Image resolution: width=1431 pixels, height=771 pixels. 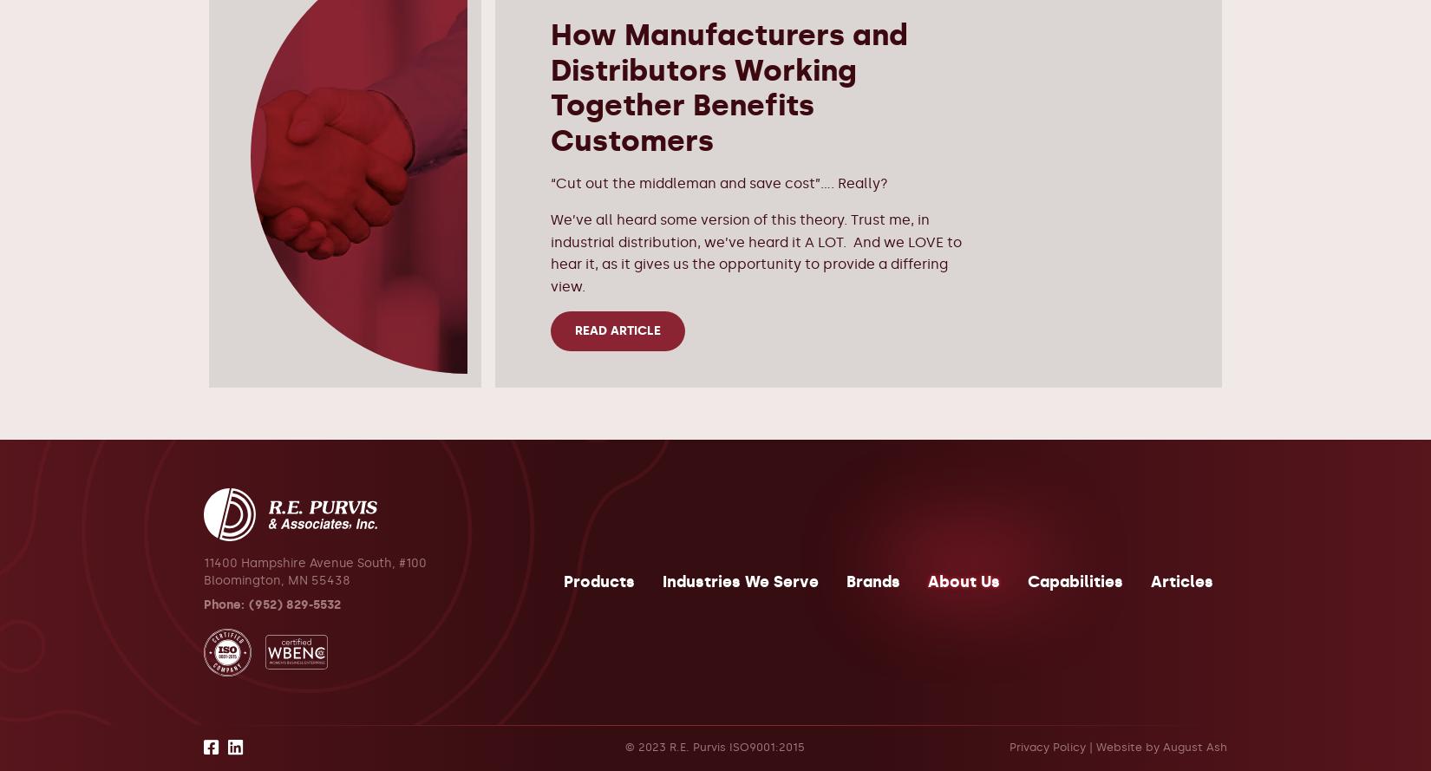 What do you see at coordinates (1122, 745) in the screenshot?
I see `'| Website by'` at bounding box center [1122, 745].